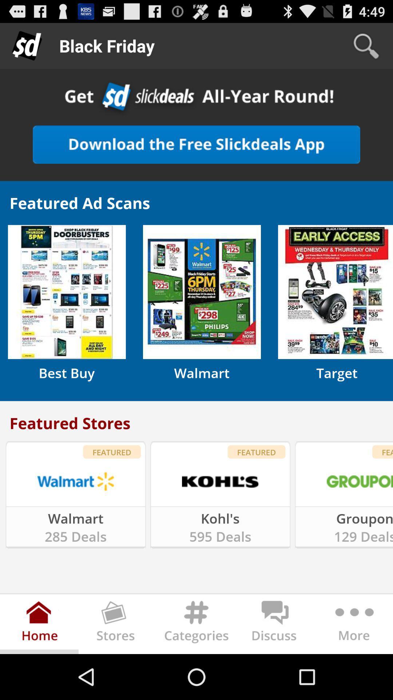 This screenshot has height=700, width=393. What do you see at coordinates (118, 669) in the screenshot?
I see `the date_range icon` at bounding box center [118, 669].